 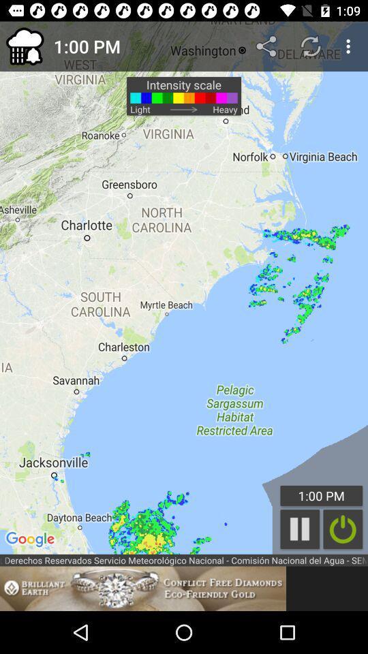 I want to click on item below national weather service icon, so click(x=142, y=588).